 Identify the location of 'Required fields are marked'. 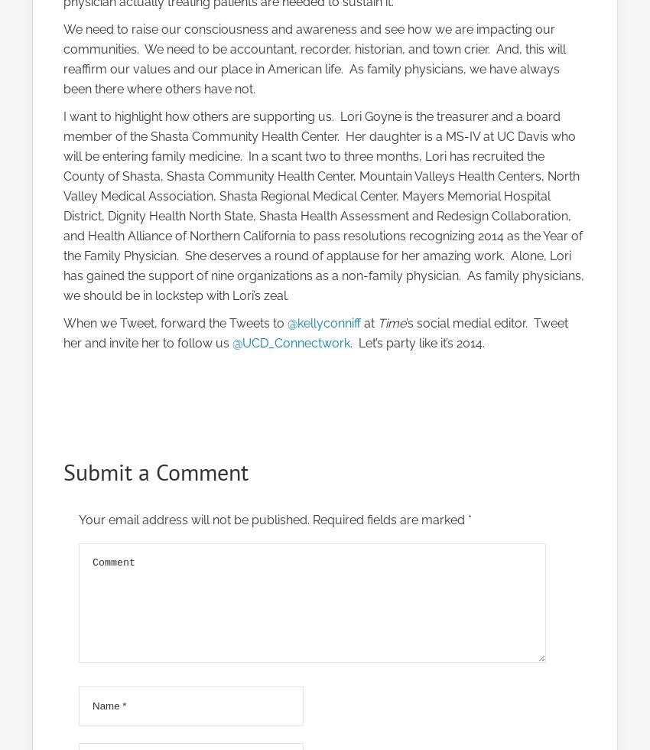
(388, 520).